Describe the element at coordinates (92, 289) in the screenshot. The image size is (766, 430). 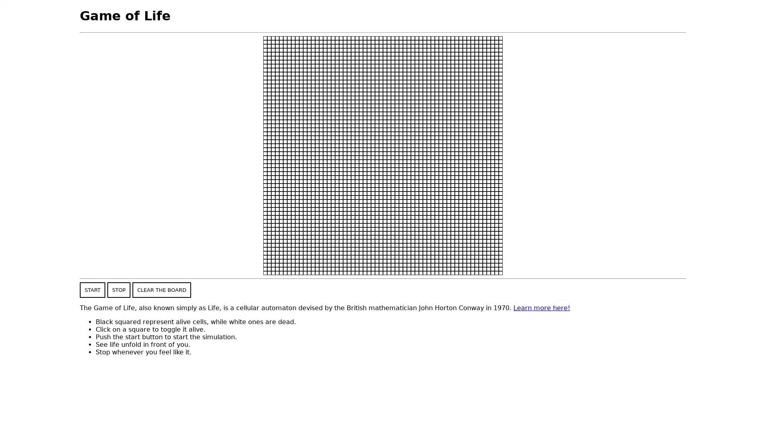
I see `START` at that location.